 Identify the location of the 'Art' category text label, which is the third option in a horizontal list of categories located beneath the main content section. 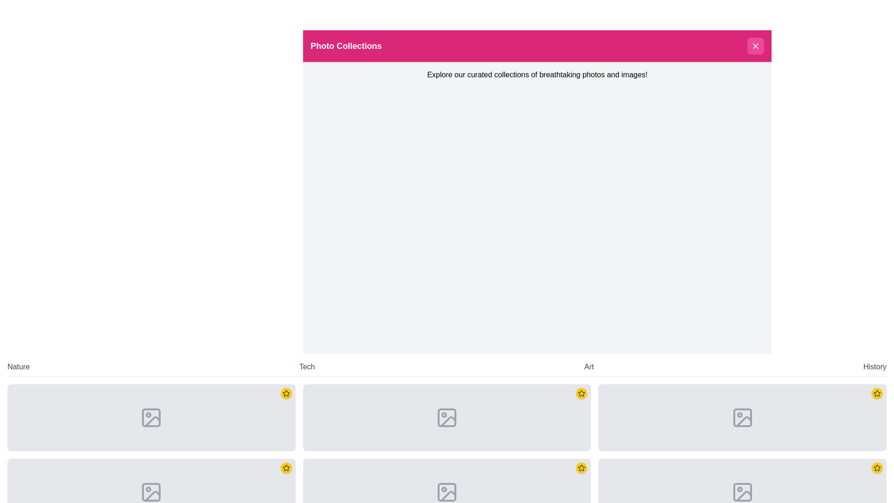
(589, 366).